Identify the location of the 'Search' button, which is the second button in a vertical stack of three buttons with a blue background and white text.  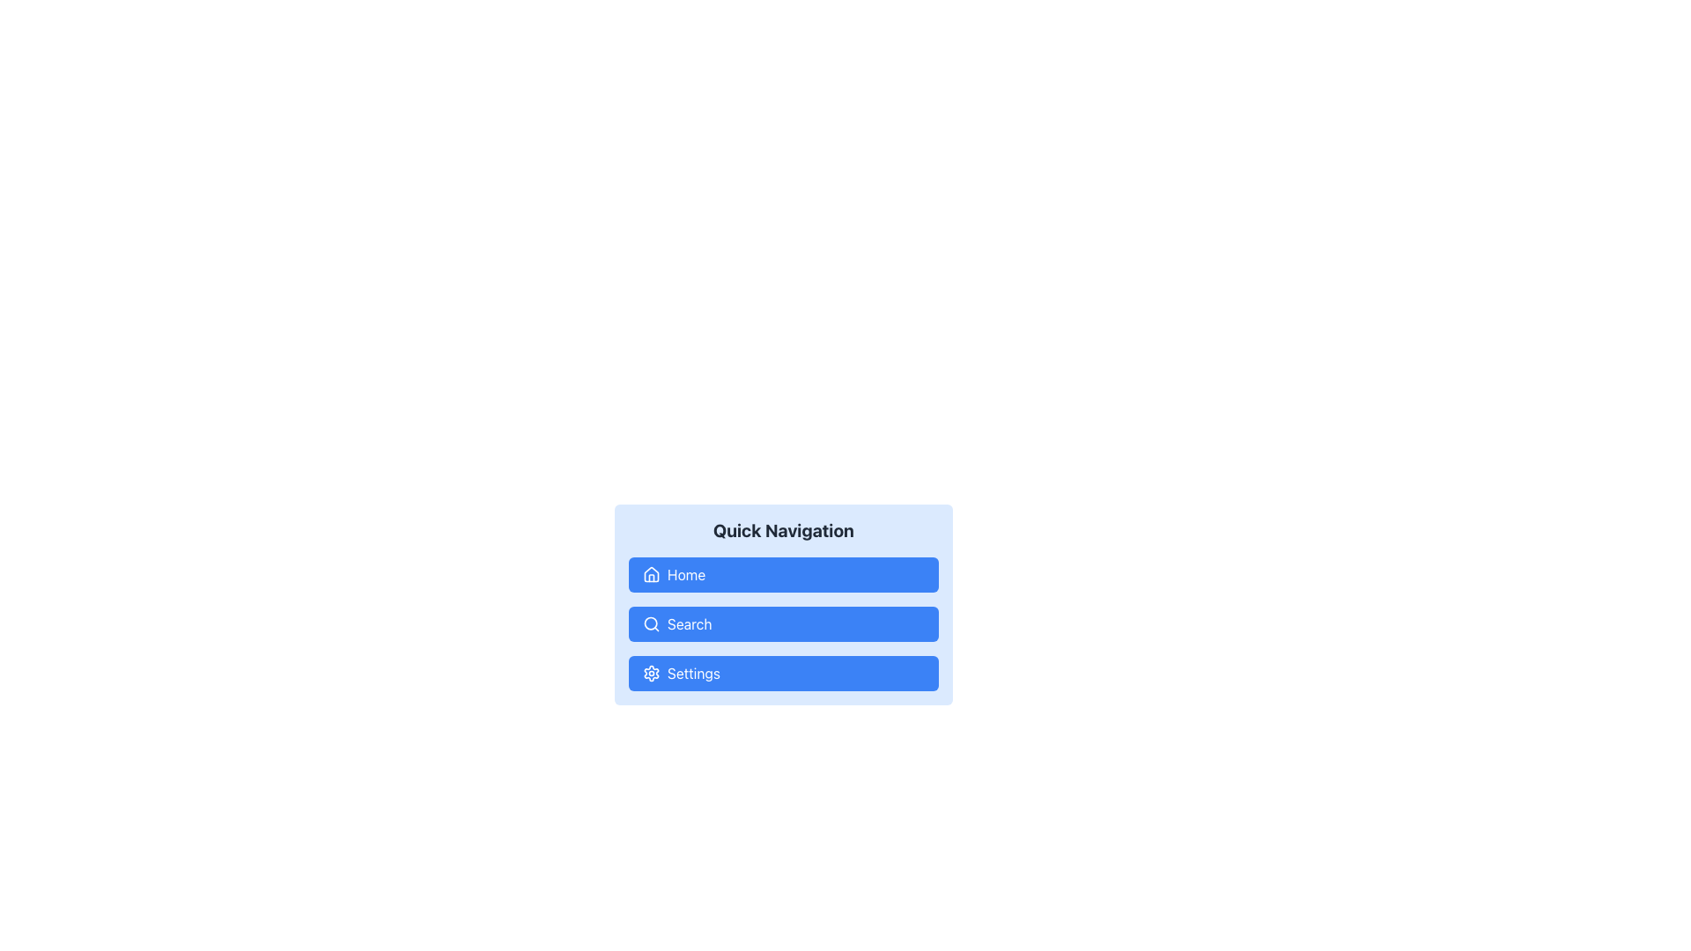
(688, 623).